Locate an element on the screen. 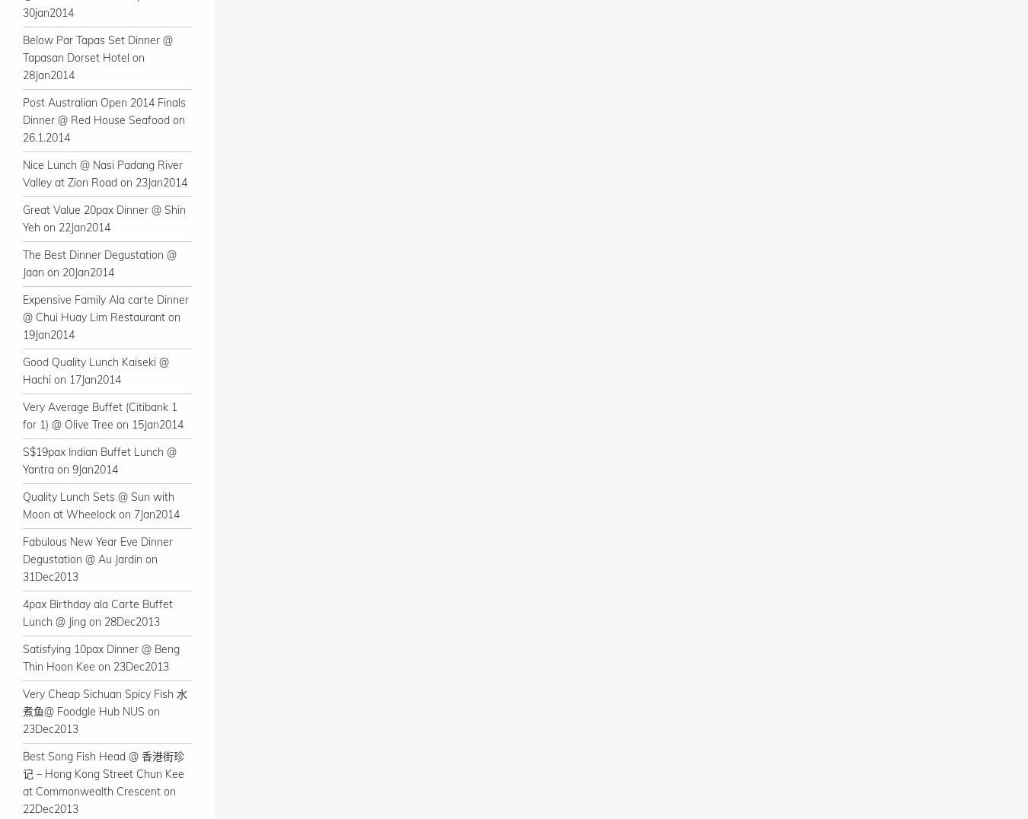 The width and height of the screenshot is (1028, 819). '4pax Birthday ala Carte Buffet Lunch @ Jing on 28Dec2013' is located at coordinates (97, 613).